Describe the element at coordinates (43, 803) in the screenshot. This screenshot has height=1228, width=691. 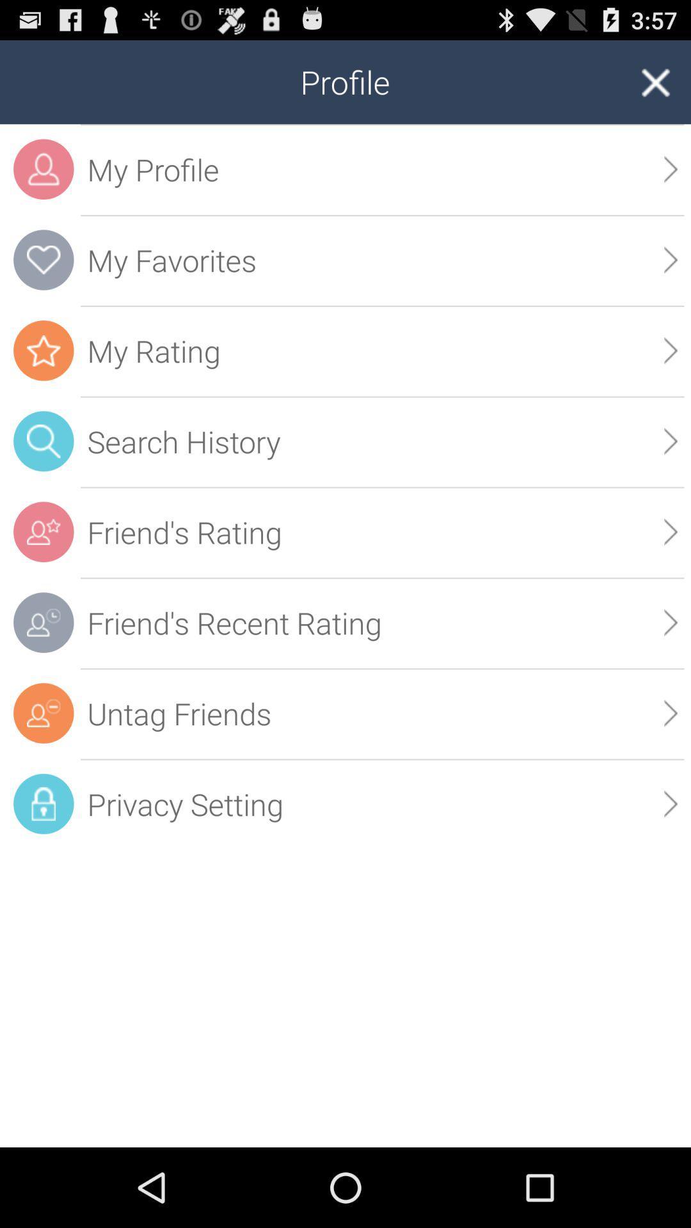
I see `the privacy setting icon` at that location.